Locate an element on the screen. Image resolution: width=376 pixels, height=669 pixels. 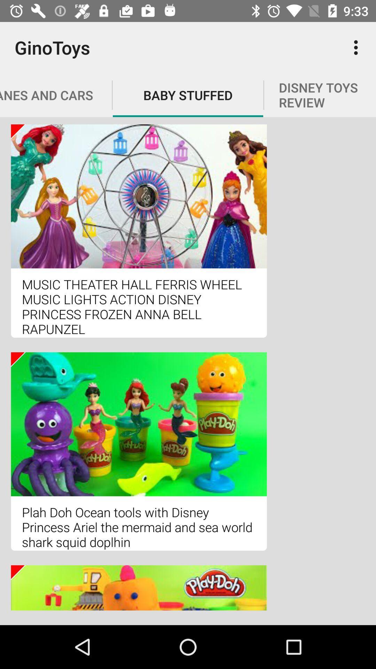
the icon above the disney toys review is located at coordinates (358, 47).